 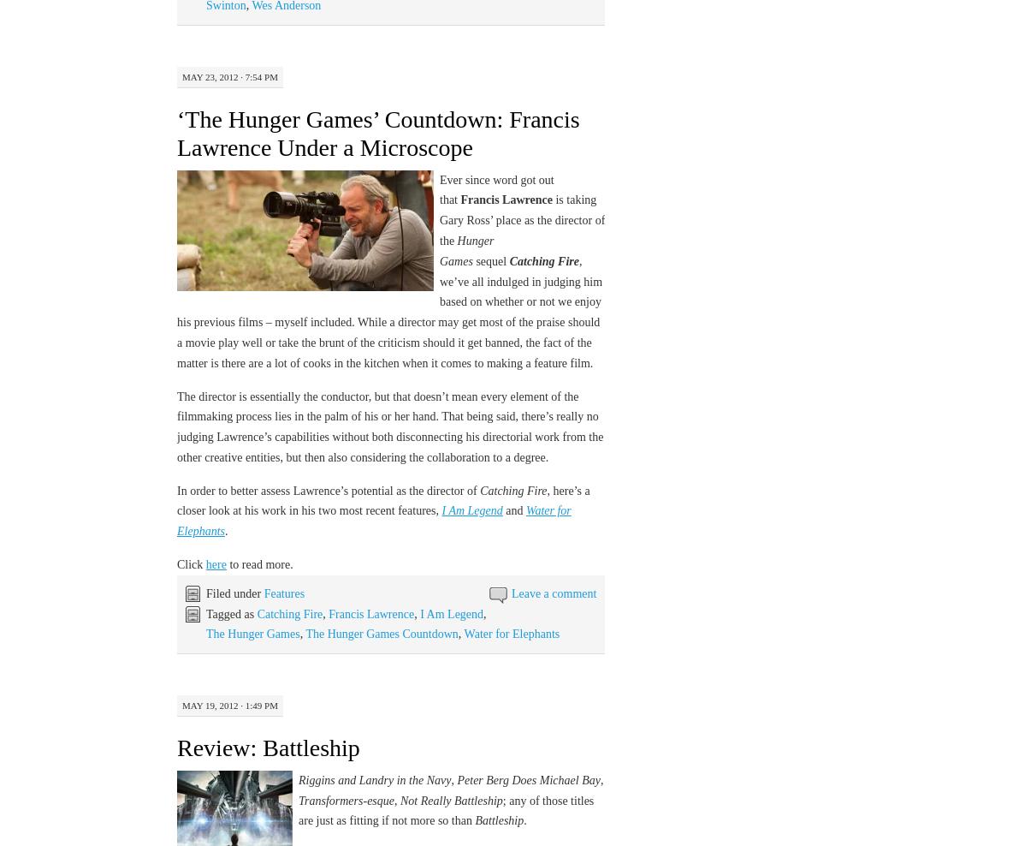 What do you see at coordinates (377, 132) in the screenshot?
I see `'‘The Hunger Games’ Countdown: Francis Lawrence Under a Microscope'` at bounding box center [377, 132].